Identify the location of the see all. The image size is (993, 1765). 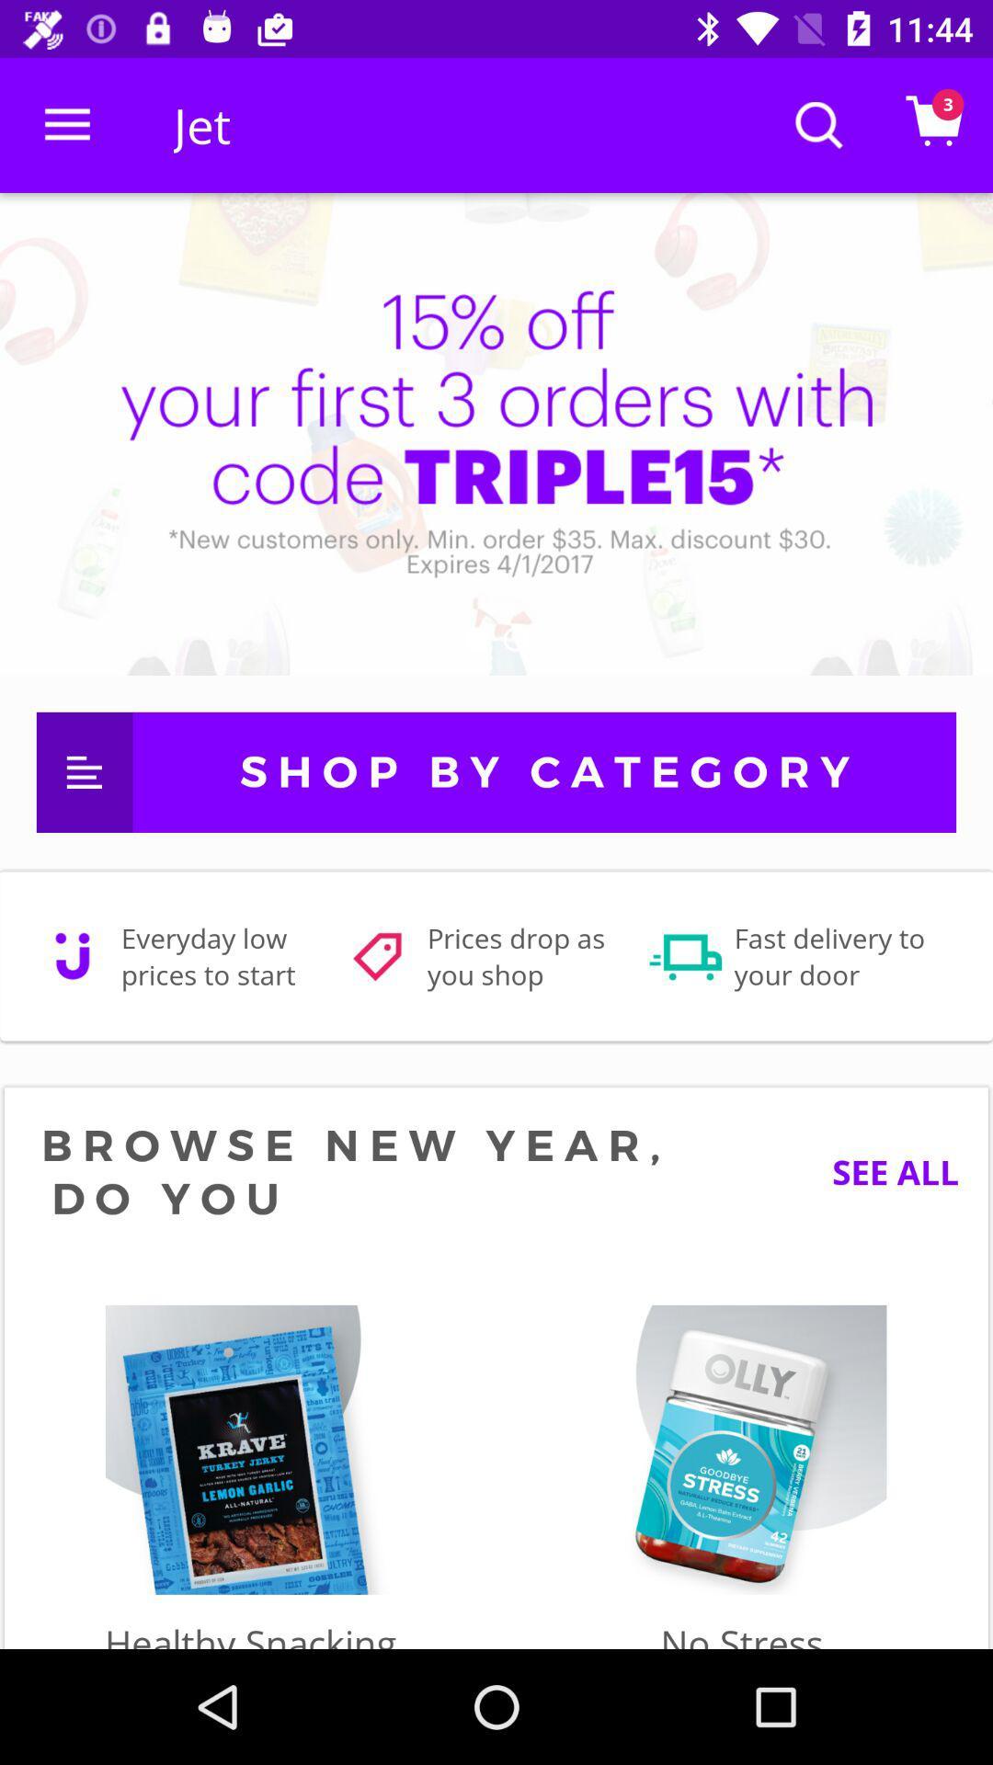
(881, 1171).